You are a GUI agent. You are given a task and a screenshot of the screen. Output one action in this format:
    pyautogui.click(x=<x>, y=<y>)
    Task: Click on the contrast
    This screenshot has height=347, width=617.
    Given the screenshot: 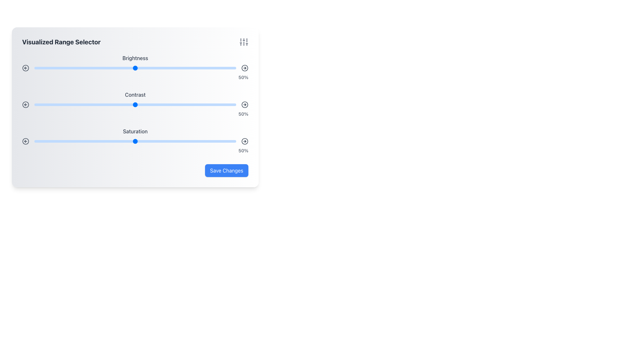 What is the action you would take?
    pyautogui.click(x=214, y=104)
    